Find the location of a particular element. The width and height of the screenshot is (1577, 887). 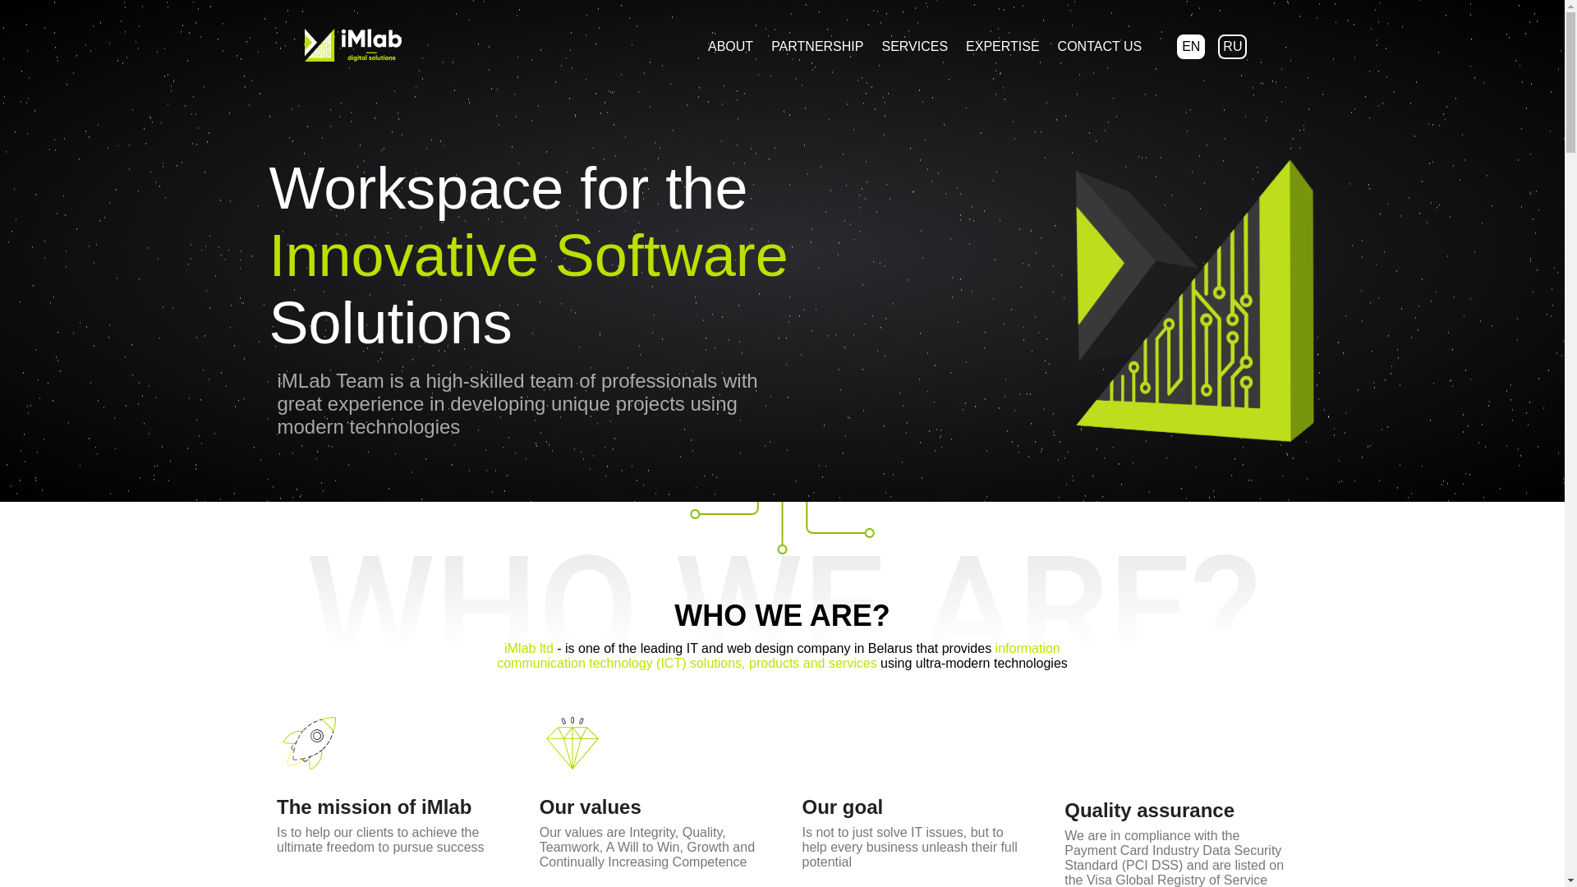

'CONTACT US' is located at coordinates (1048, 45).